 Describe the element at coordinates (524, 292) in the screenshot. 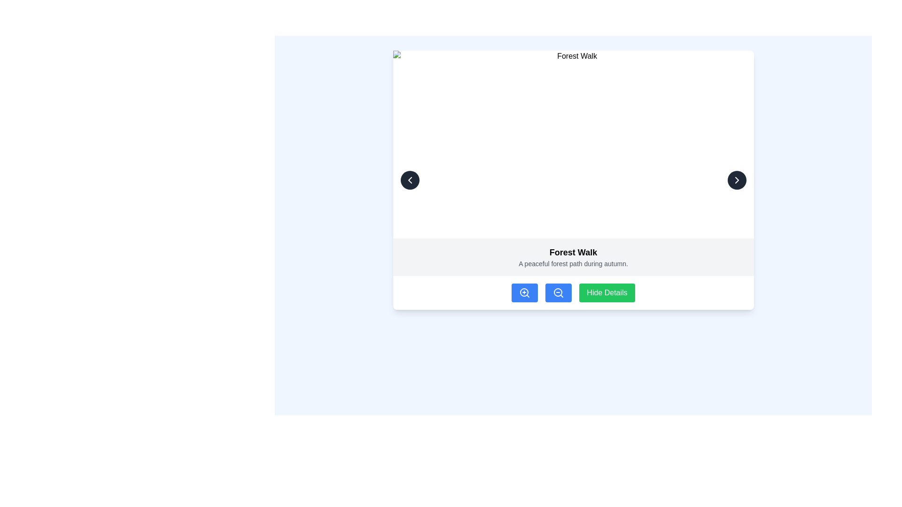

I see `the circular magnifying glass icon with a plus sign inside, located in the bottom bar of the interface, to zoom in` at that location.